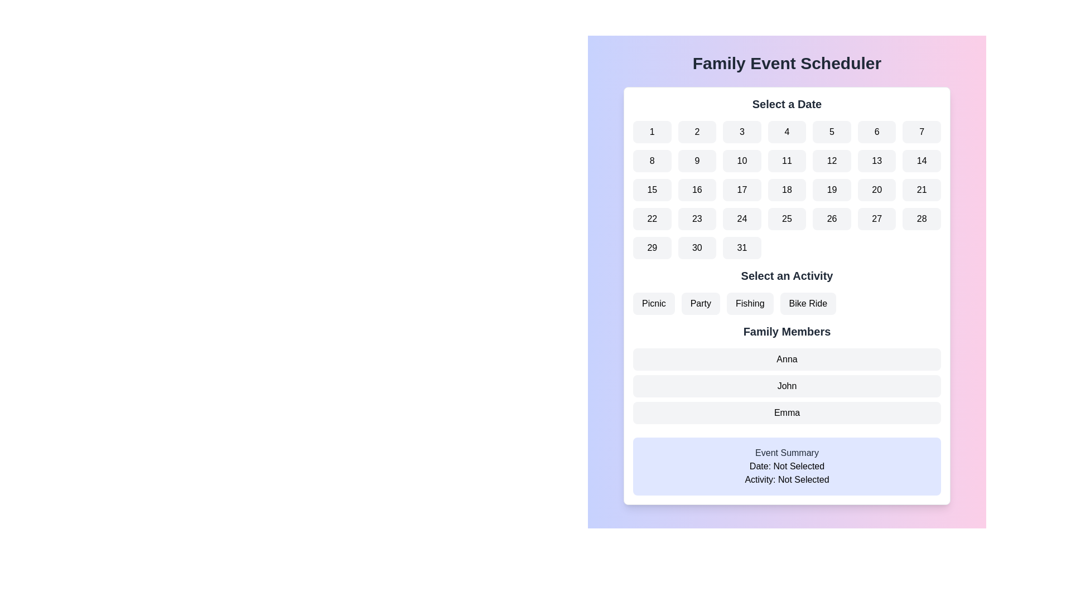 The image size is (1071, 602). Describe the element at coordinates (787, 189) in the screenshot. I see `the button representing the 18th day of the month in the calendar` at that location.